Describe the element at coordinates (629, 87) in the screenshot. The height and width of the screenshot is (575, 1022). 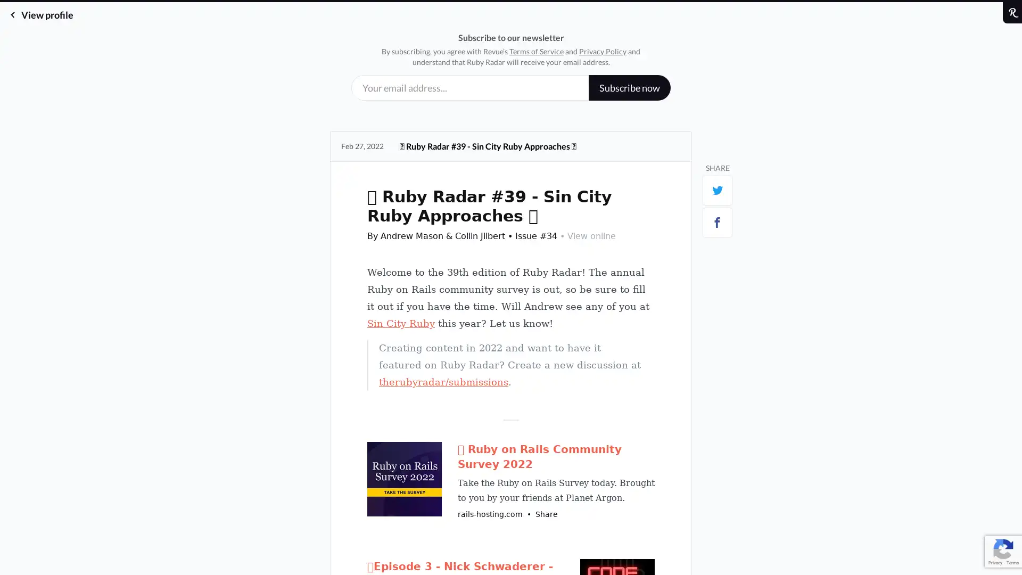
I see `Subscribe now` at that location.